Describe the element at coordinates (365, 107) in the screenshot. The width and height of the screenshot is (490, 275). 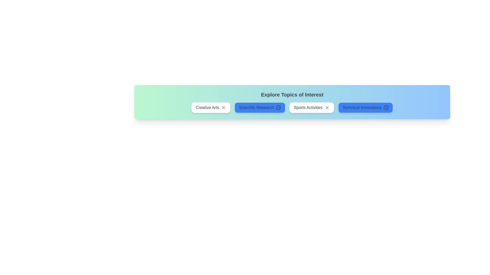
I see `the chip labeled 'Technical Innovations' to observe its visual feedback` at that location.